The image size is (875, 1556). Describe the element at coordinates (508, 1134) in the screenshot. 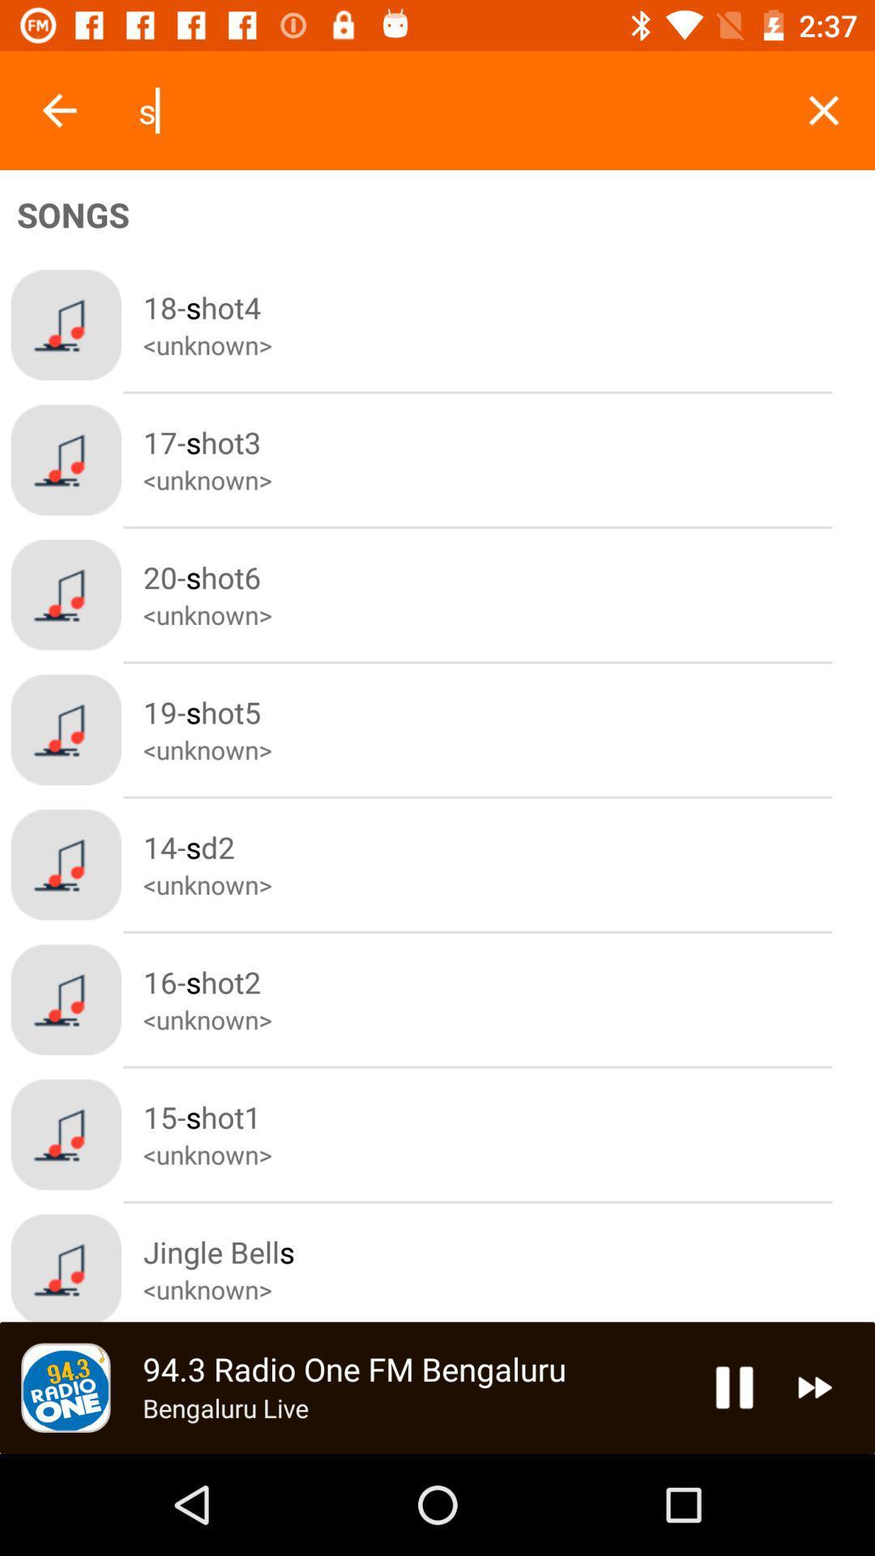

I see `option above jingle bells` at that location.